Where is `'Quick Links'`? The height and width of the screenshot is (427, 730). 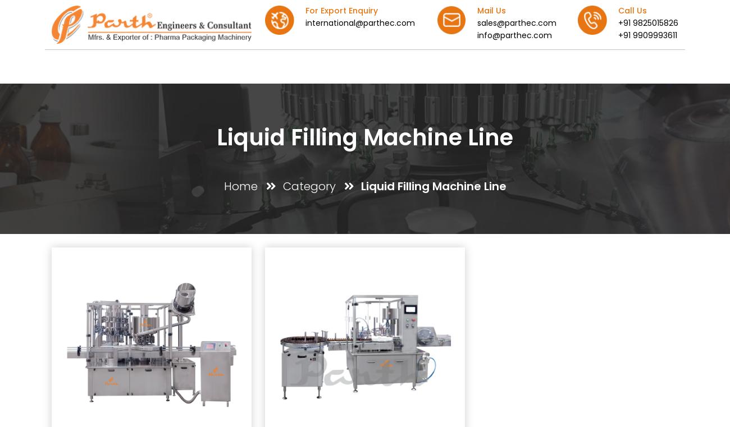 'Quick Links' is located at coordinates (541, 306).